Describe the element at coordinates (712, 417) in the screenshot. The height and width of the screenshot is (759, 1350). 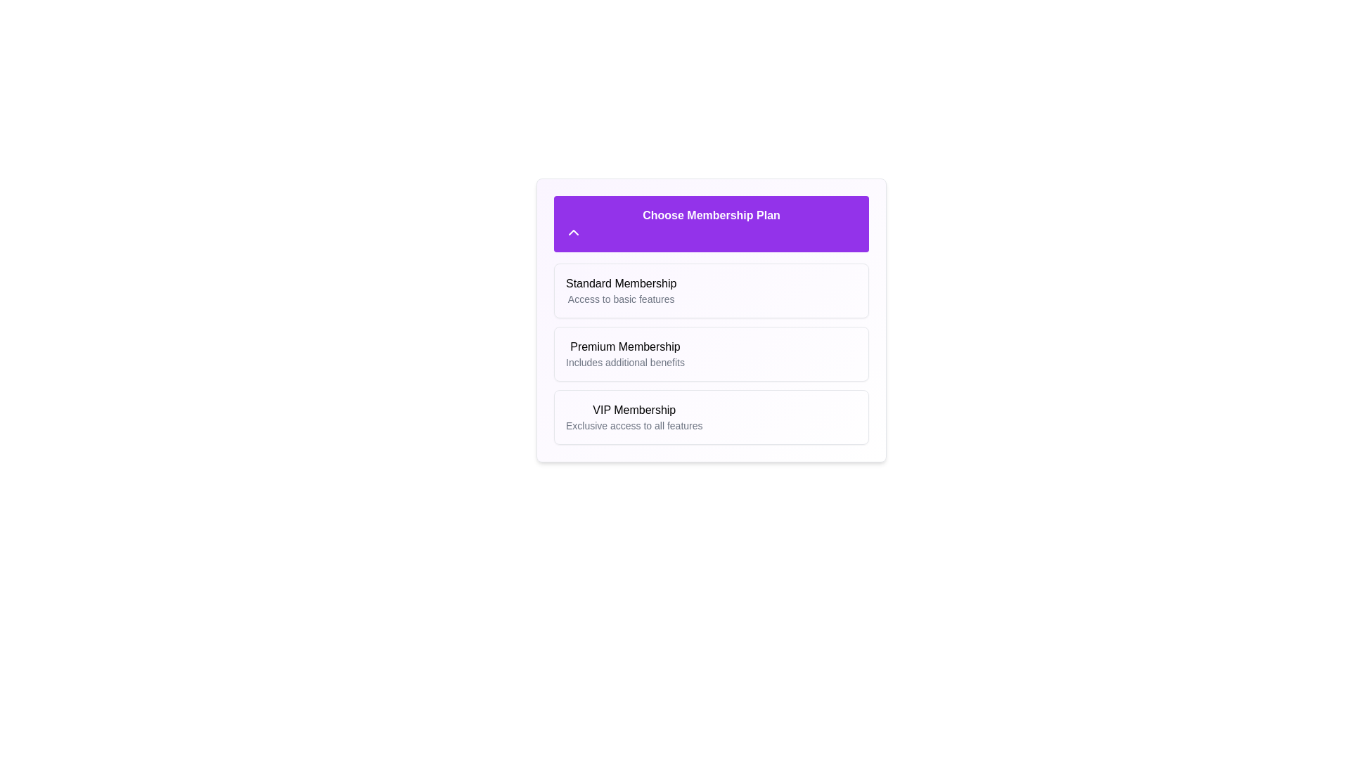
I see `the 'VIP Membership' button-like selectable list item` at that location.